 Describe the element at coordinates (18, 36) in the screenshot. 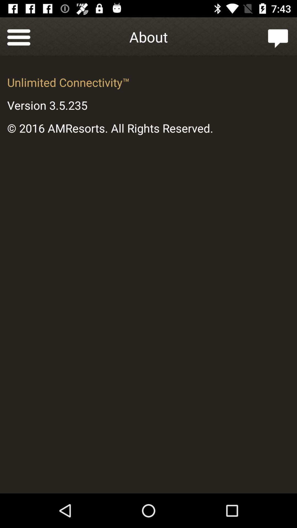

I see `the menu icon` at that location.